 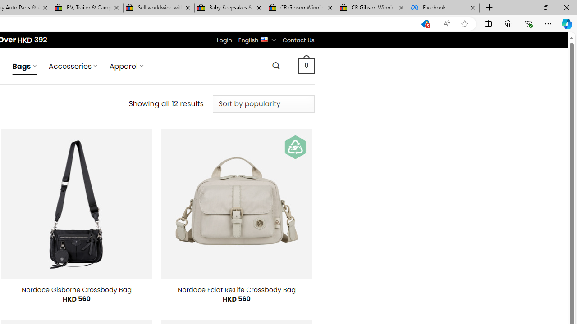 What do you see at coordinates (306, 65) in the screenshot?
I see `'  0  '` at bounding box center [306, 65].